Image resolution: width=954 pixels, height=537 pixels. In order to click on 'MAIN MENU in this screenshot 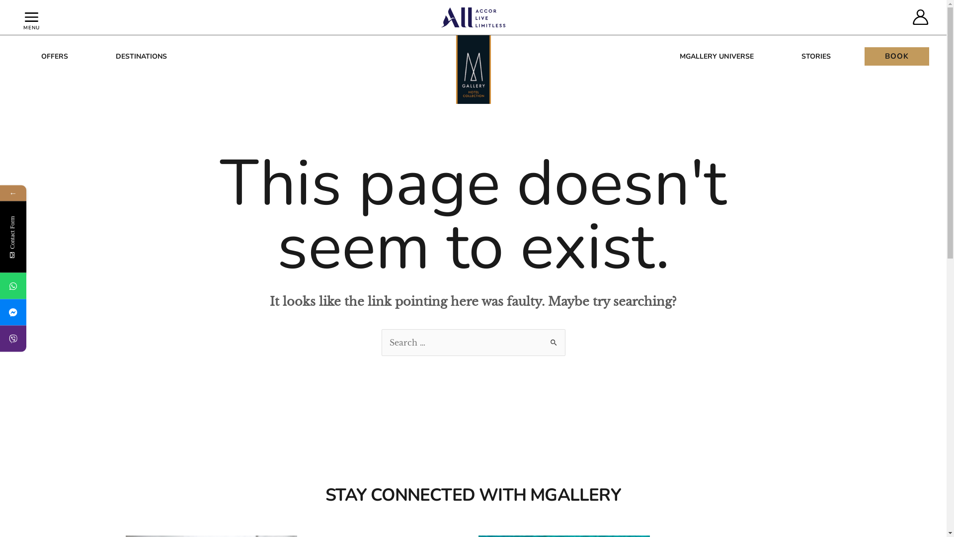, I will do `click(31, 17)`.